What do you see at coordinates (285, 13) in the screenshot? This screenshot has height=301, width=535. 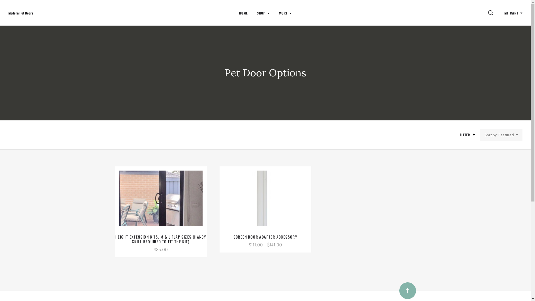 I see `'MORE'` at bounding box center [285, 13].